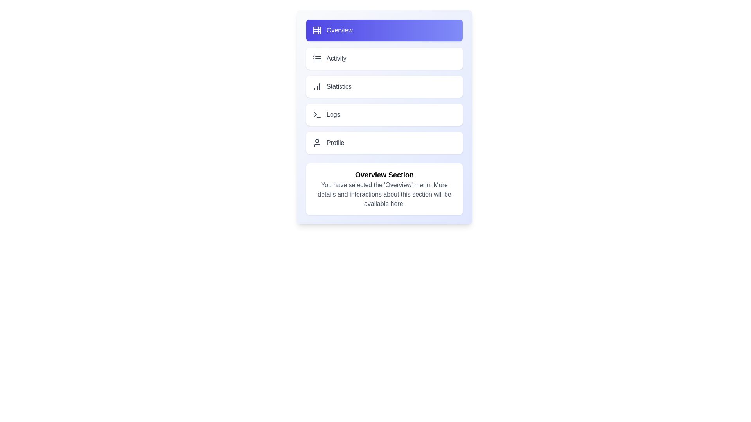 The image size is (751, 422). What do you see at coordinates (384, 114) in the screenshot?
I see `the menu item Logs to display its section` at bounding box center [384, 114].